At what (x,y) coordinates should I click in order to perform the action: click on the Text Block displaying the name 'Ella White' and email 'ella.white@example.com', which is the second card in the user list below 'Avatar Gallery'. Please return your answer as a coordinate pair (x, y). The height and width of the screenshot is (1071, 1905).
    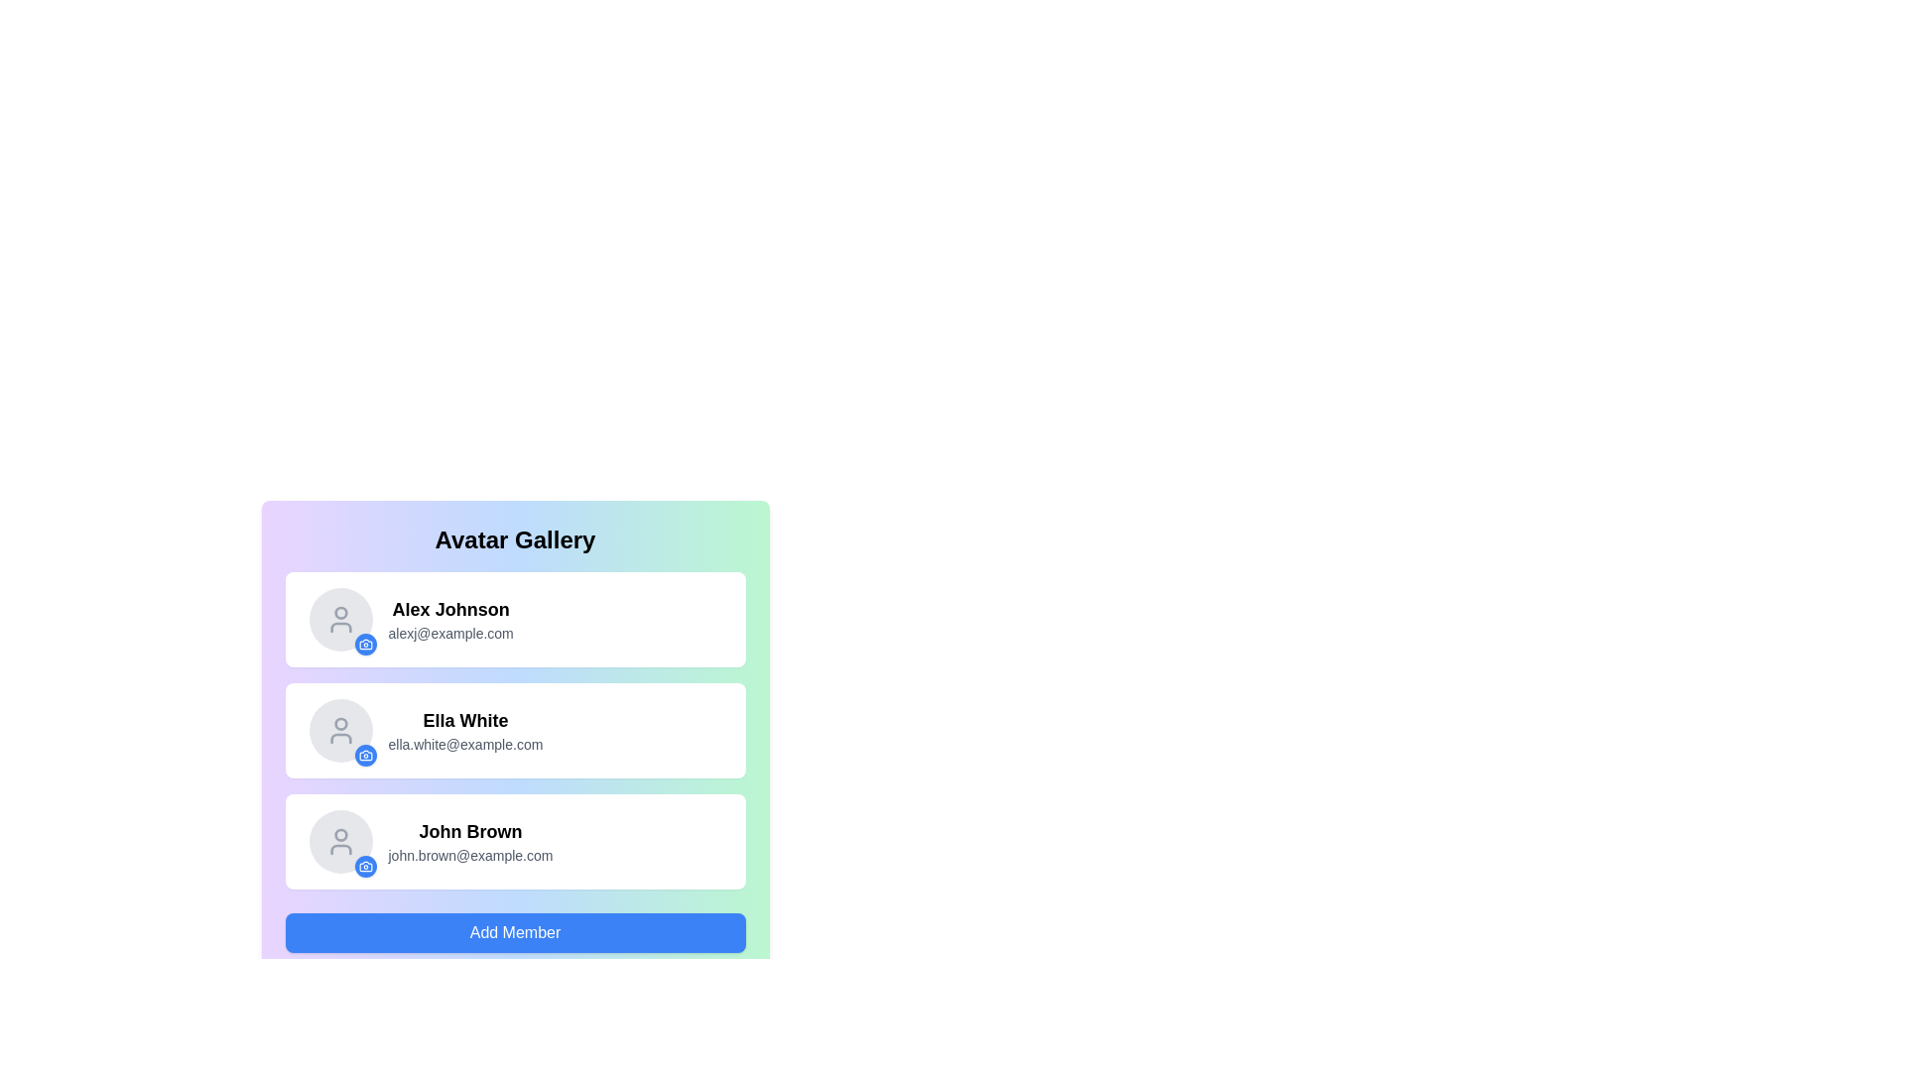
    Looking at the image, I should click on (464, 730).